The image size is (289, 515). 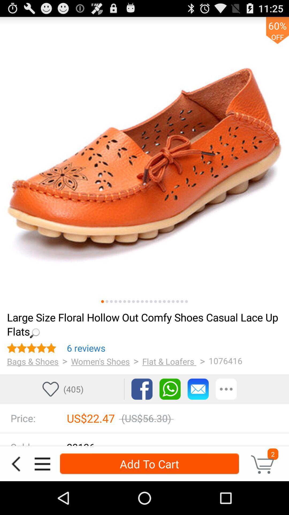 I want to click on image 20, so click(x=186, y=301).